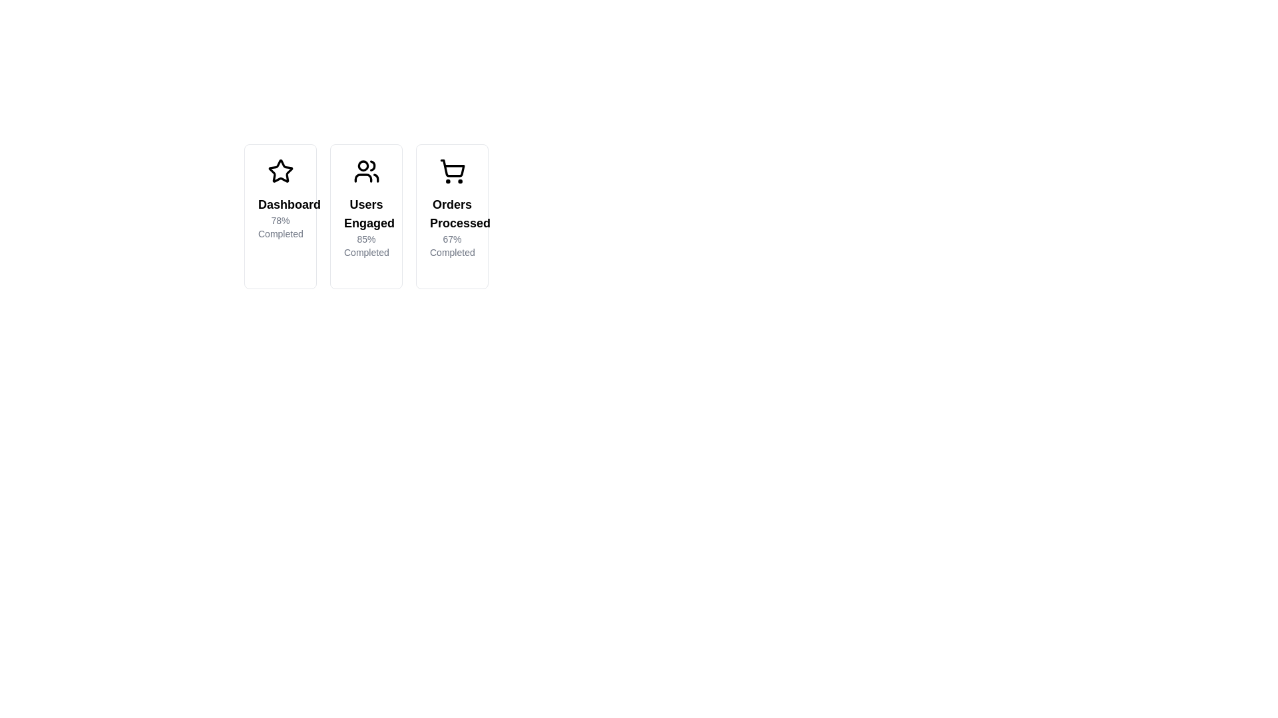 The width and height of the screenshot is (1278, 718). I want to click on the text element that conveys a progress update of 78% completion, located in the first card of a row of three, just below a star icon, so click(280, 217).